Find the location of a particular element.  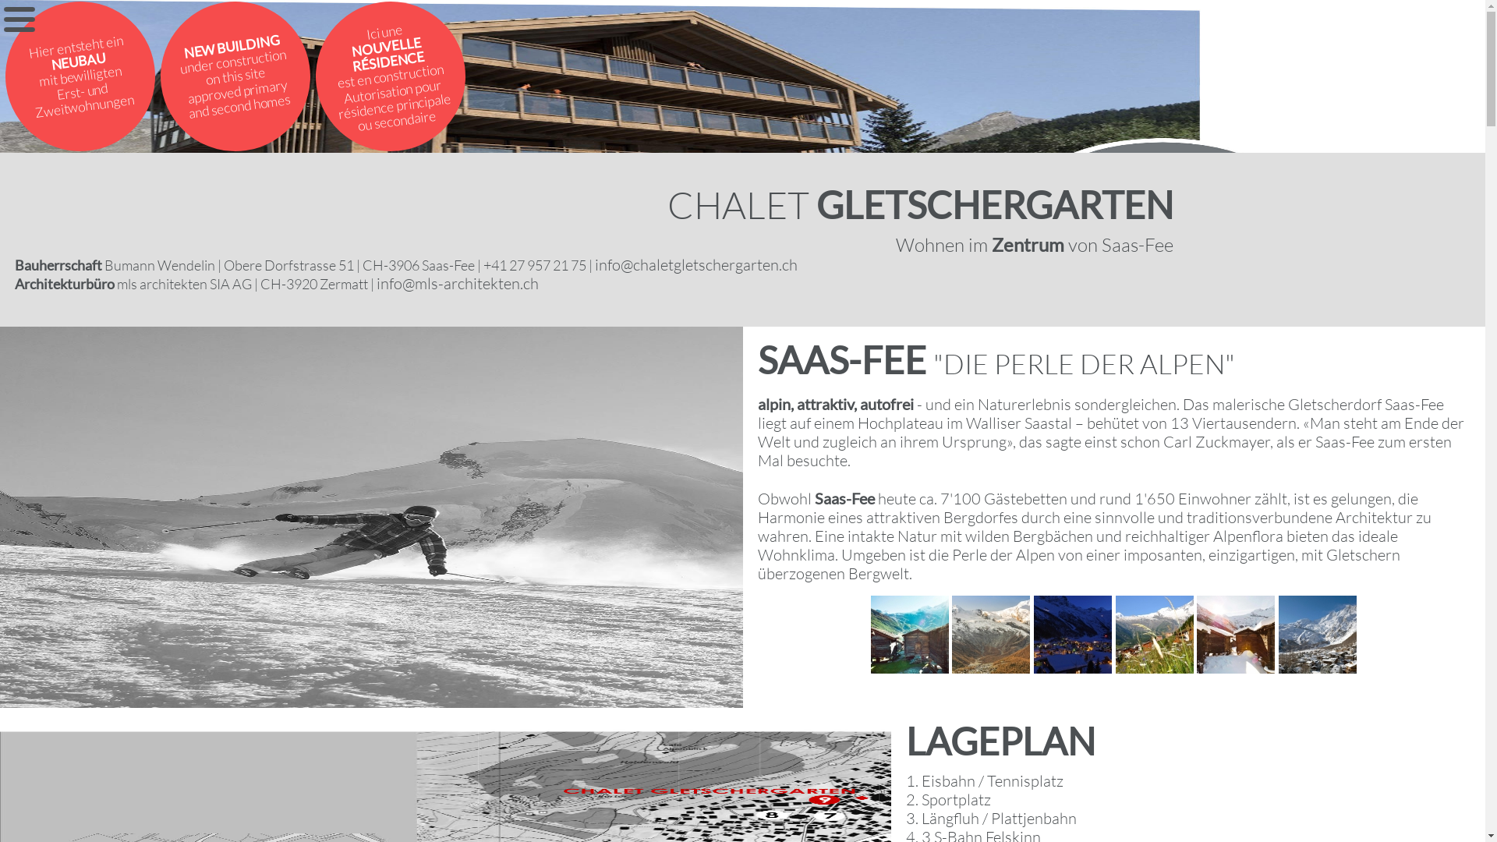

'info@chaletgletschergarten.ch' is located at coordinates (695, 264).